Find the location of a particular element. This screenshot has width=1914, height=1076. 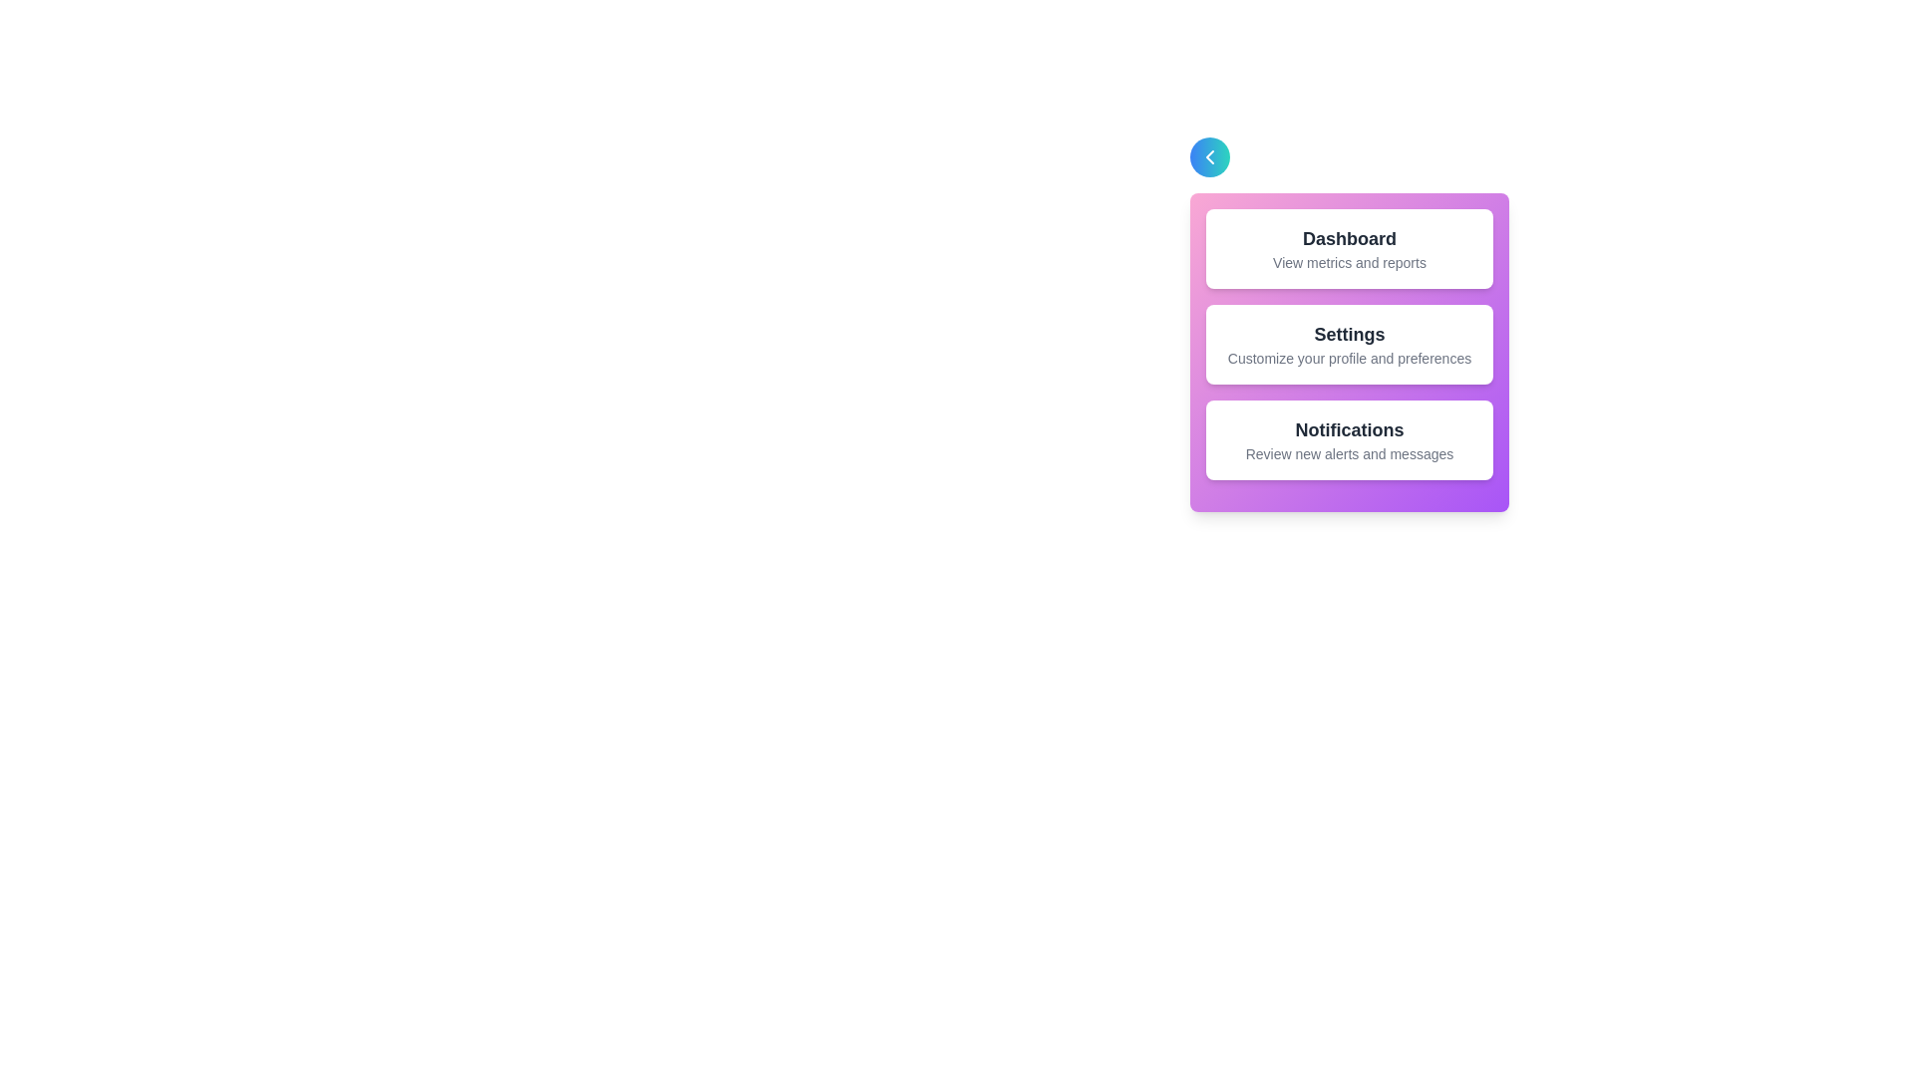

the section titled 'Notifications' to observe its visual effect is located at coordinates (1349, 439).